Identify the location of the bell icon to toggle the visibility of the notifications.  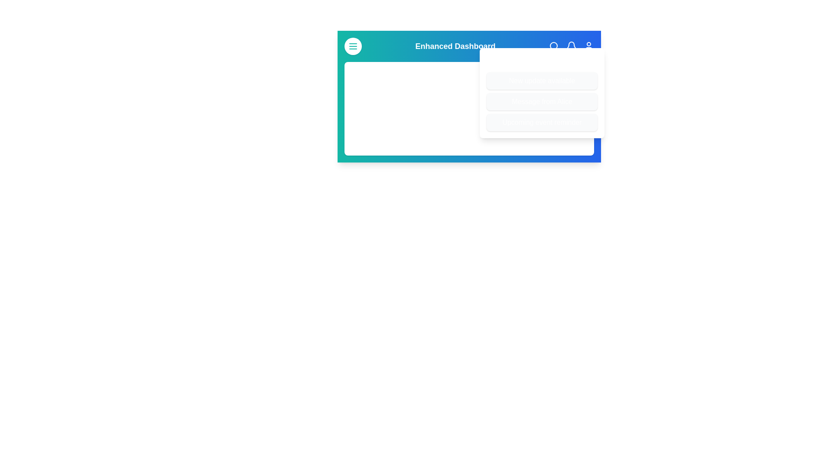
(572, 46).